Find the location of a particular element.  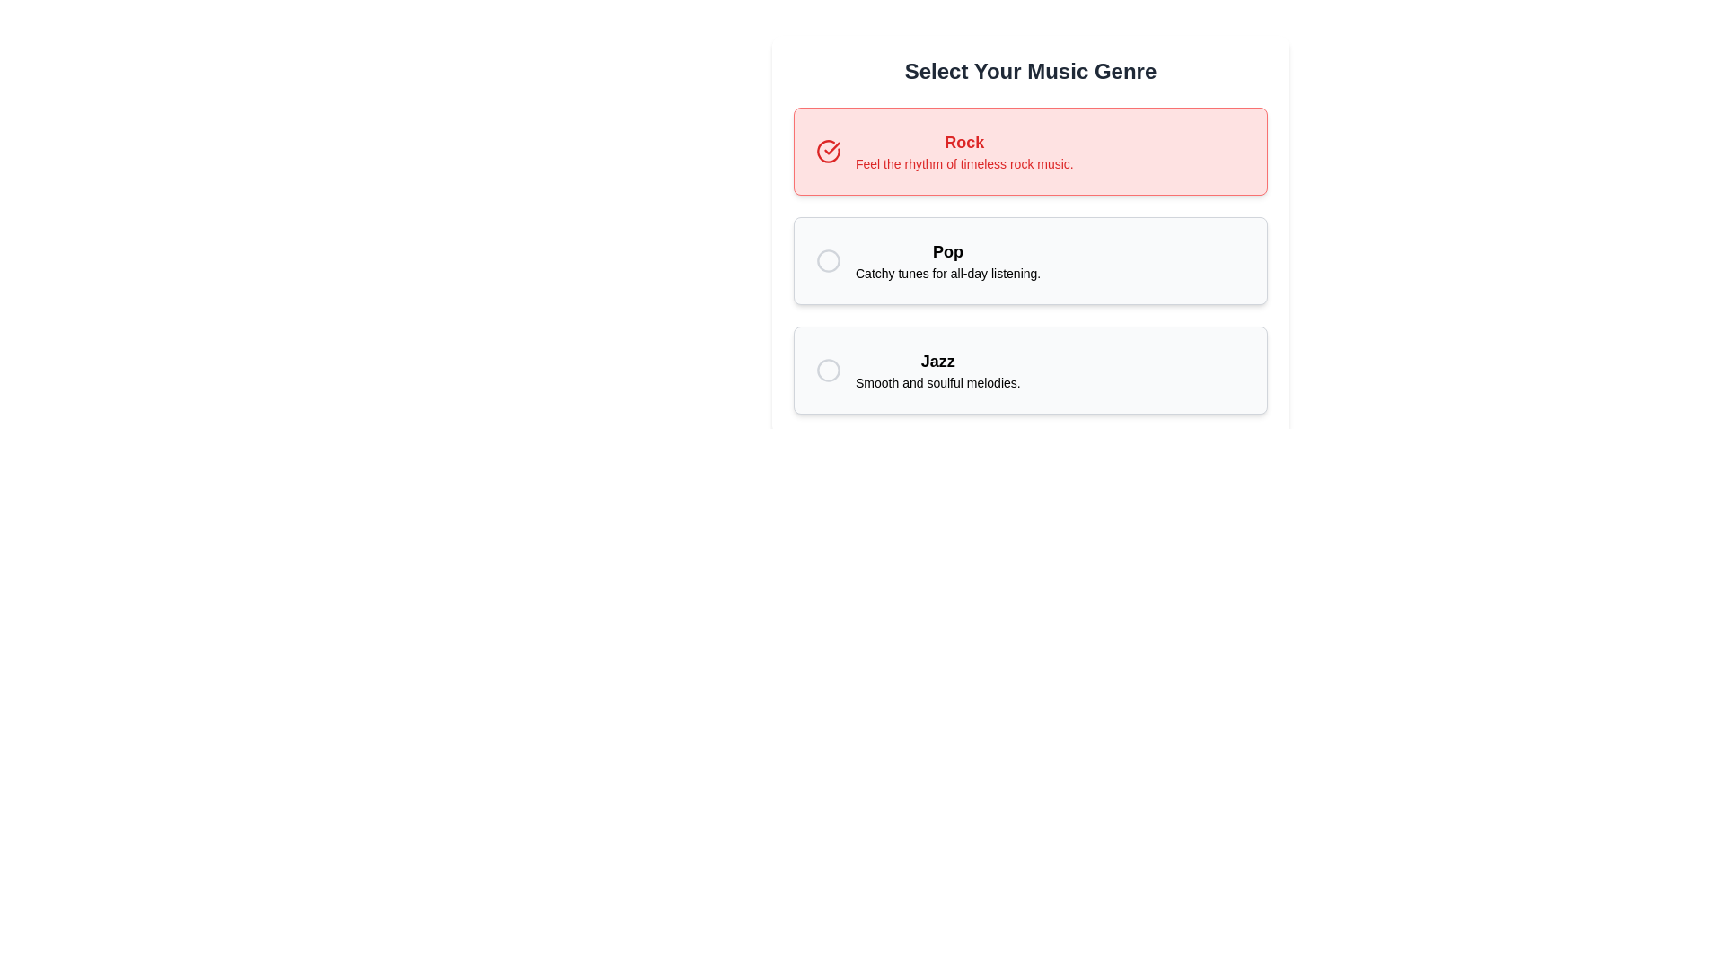

the radio button indicating the selection for the 'Jazz' music genre option is located at coordinates (827, 369).